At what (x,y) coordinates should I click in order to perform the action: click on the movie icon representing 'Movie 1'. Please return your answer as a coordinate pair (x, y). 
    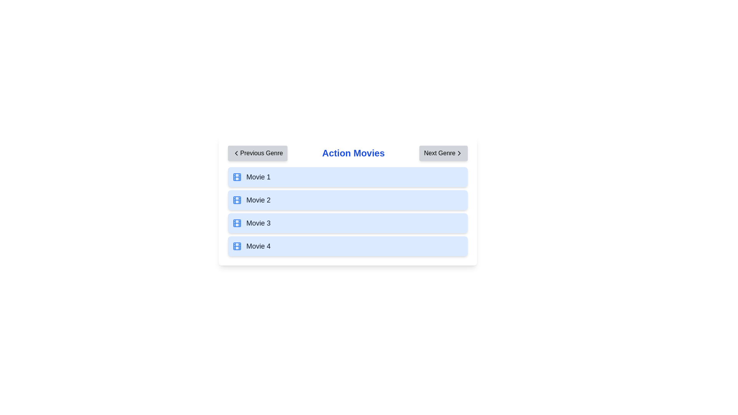
    Looking at the image, I should click on (237, 177).